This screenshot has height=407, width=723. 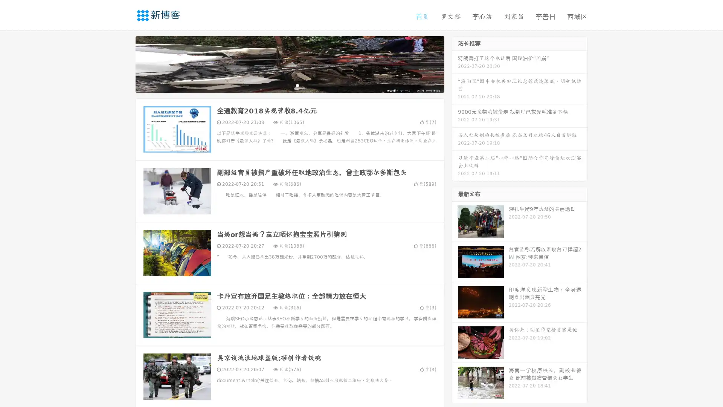 I want to click on Previous slide, so click(x=124, y=63).